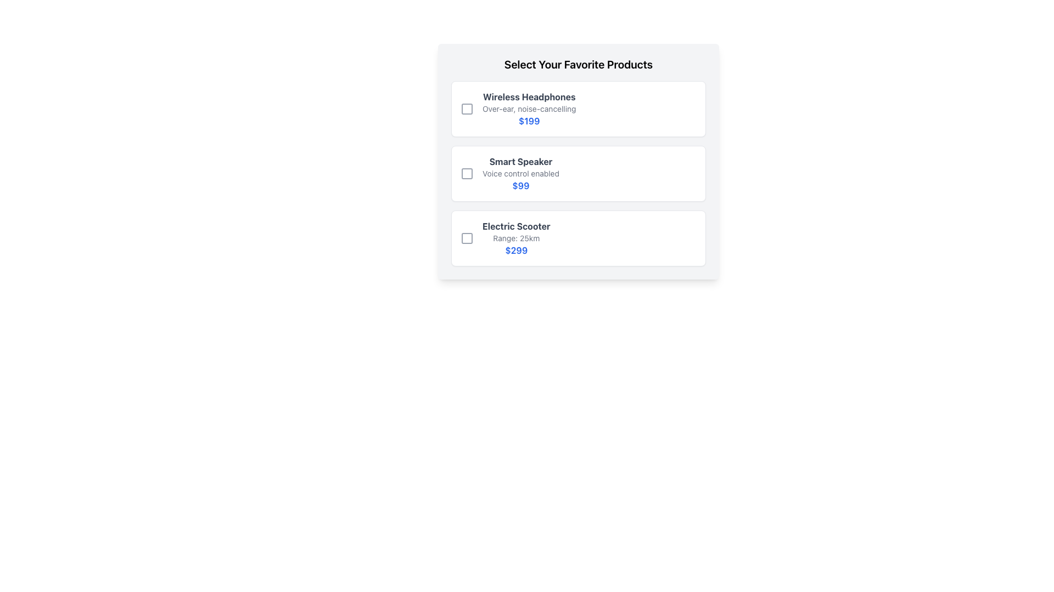 This screenshot has height=592, width=1054. I want to click on the checkbox on the electric scooter product card, which is the third card in a vertical list of three items, so click(578, 238).